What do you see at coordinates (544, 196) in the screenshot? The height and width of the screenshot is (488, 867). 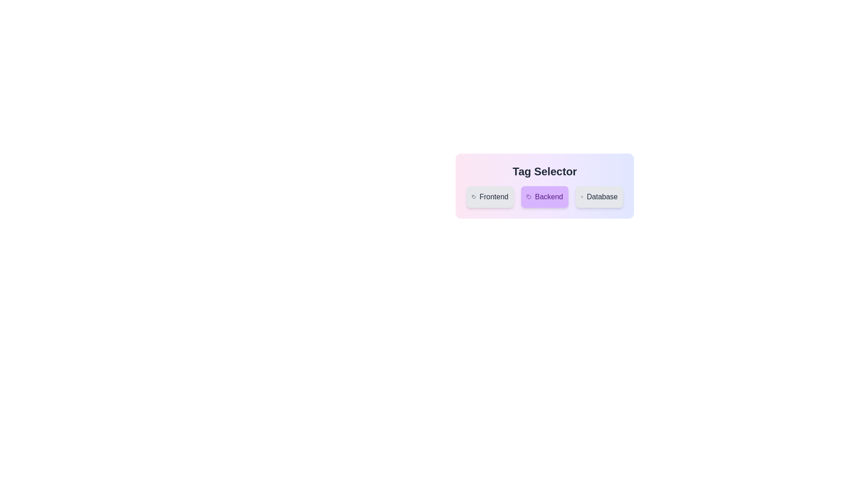 I see `the tag Backend` at bounding box center [544, 196].